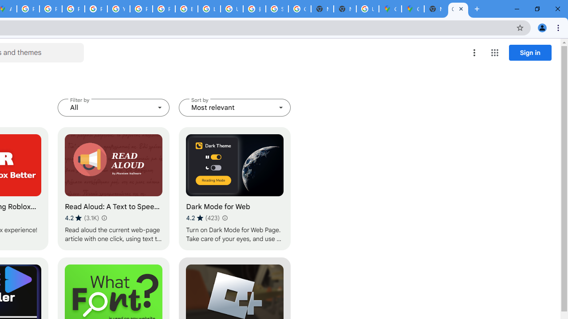  I want to click on 'Learn more about results and reviews "Dark Mode for Web"', so click(225, 218).